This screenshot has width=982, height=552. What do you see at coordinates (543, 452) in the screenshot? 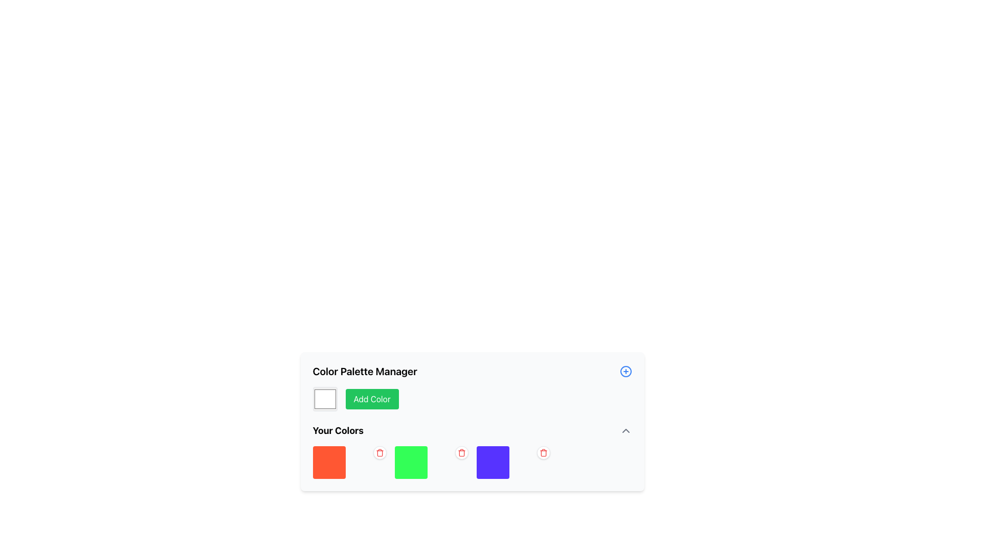
I see `the circular button with a red trash can icon located at the top-right corner of the purple square in the 'Your Colors' section to invoke the delete action` at bounding box center [543, 452].